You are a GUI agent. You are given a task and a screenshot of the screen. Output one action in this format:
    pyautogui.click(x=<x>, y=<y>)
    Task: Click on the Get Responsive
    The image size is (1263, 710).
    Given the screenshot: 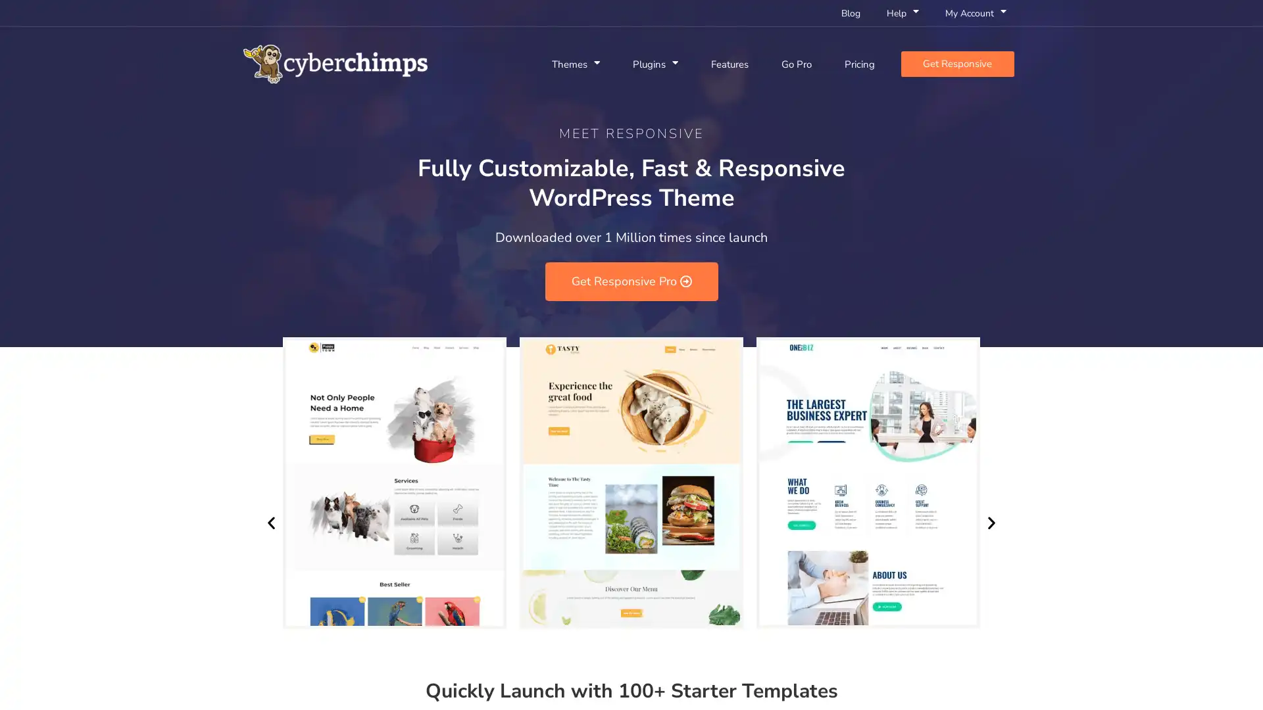 What is the action you would take?
    pyautogui.click(x=956, y=64)
    